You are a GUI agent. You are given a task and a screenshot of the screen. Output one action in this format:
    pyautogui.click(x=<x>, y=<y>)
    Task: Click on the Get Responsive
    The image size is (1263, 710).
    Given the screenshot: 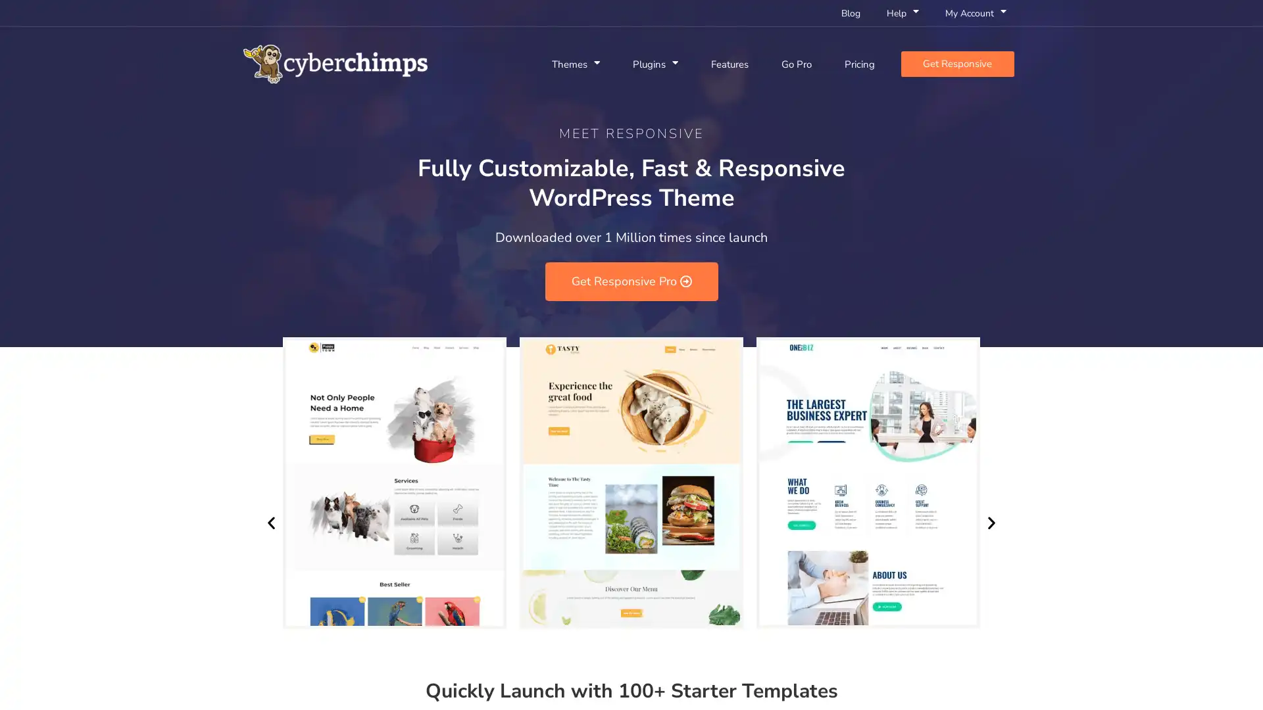 What is the action you would take?
    pyautogui.click(x=956, y=64)
    